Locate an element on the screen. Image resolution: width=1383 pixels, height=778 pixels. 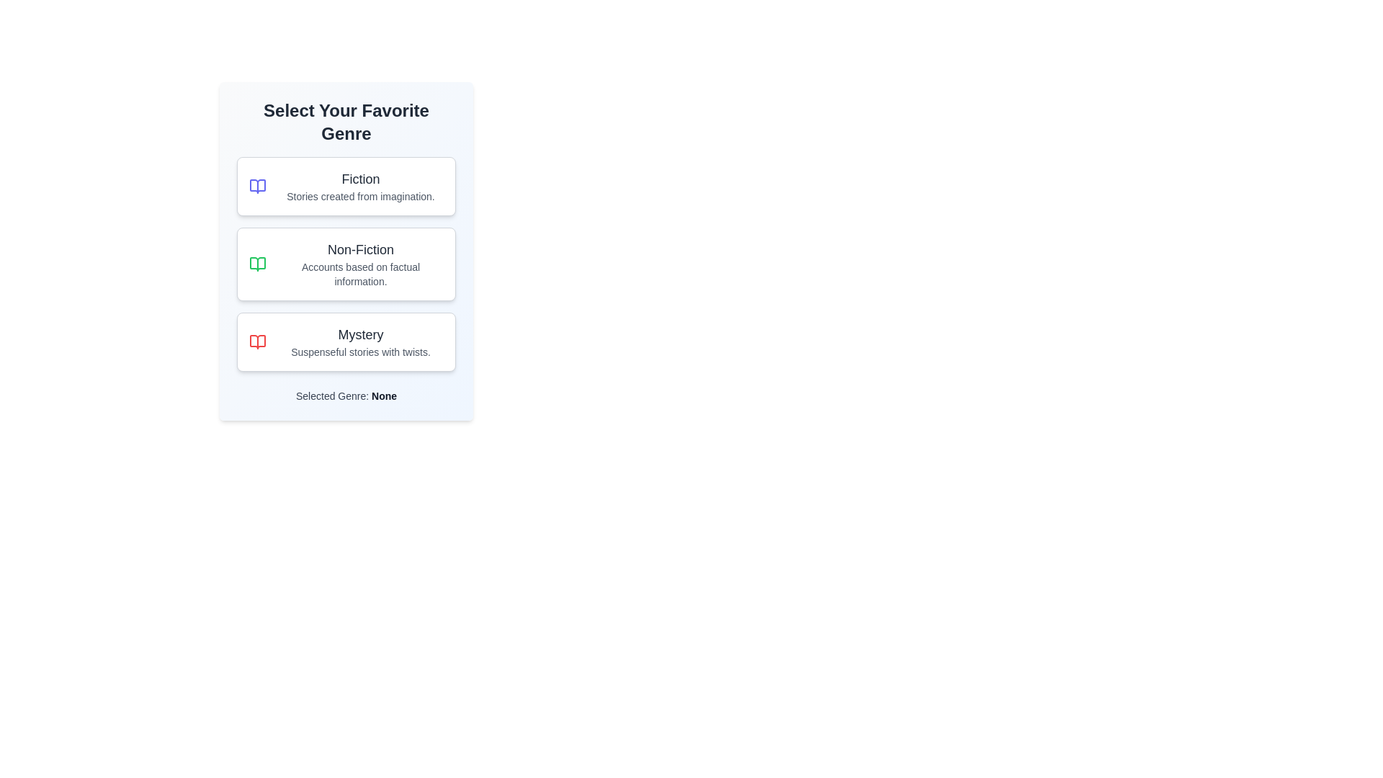
the red open book icon located in the third section titled 'Mystery' at the top of that section is located at coordinates (258, 341).